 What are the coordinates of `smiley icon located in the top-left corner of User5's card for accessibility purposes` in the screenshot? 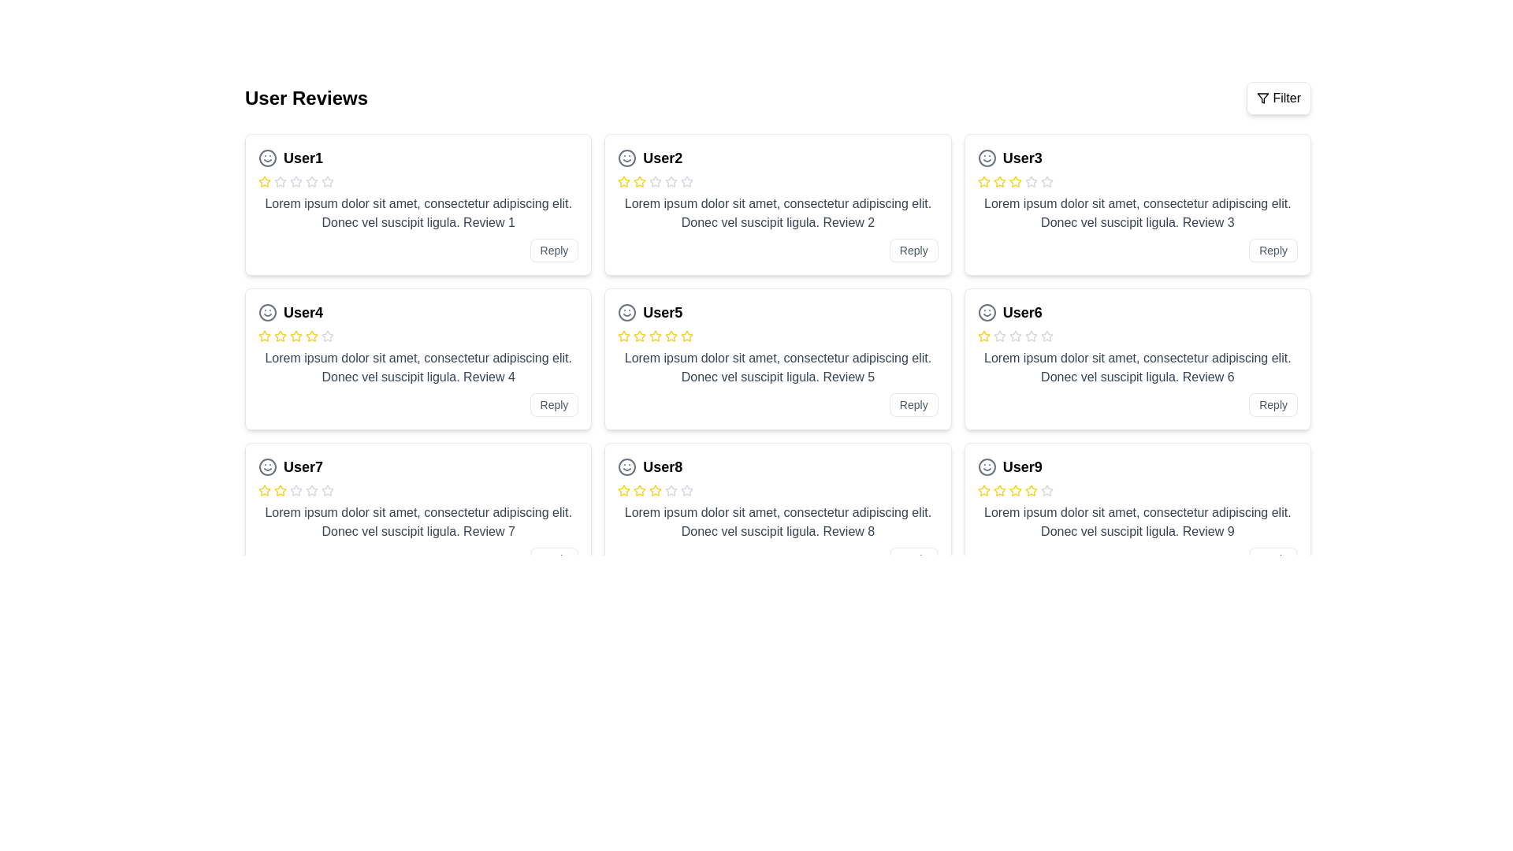 It's located at (626, 313).